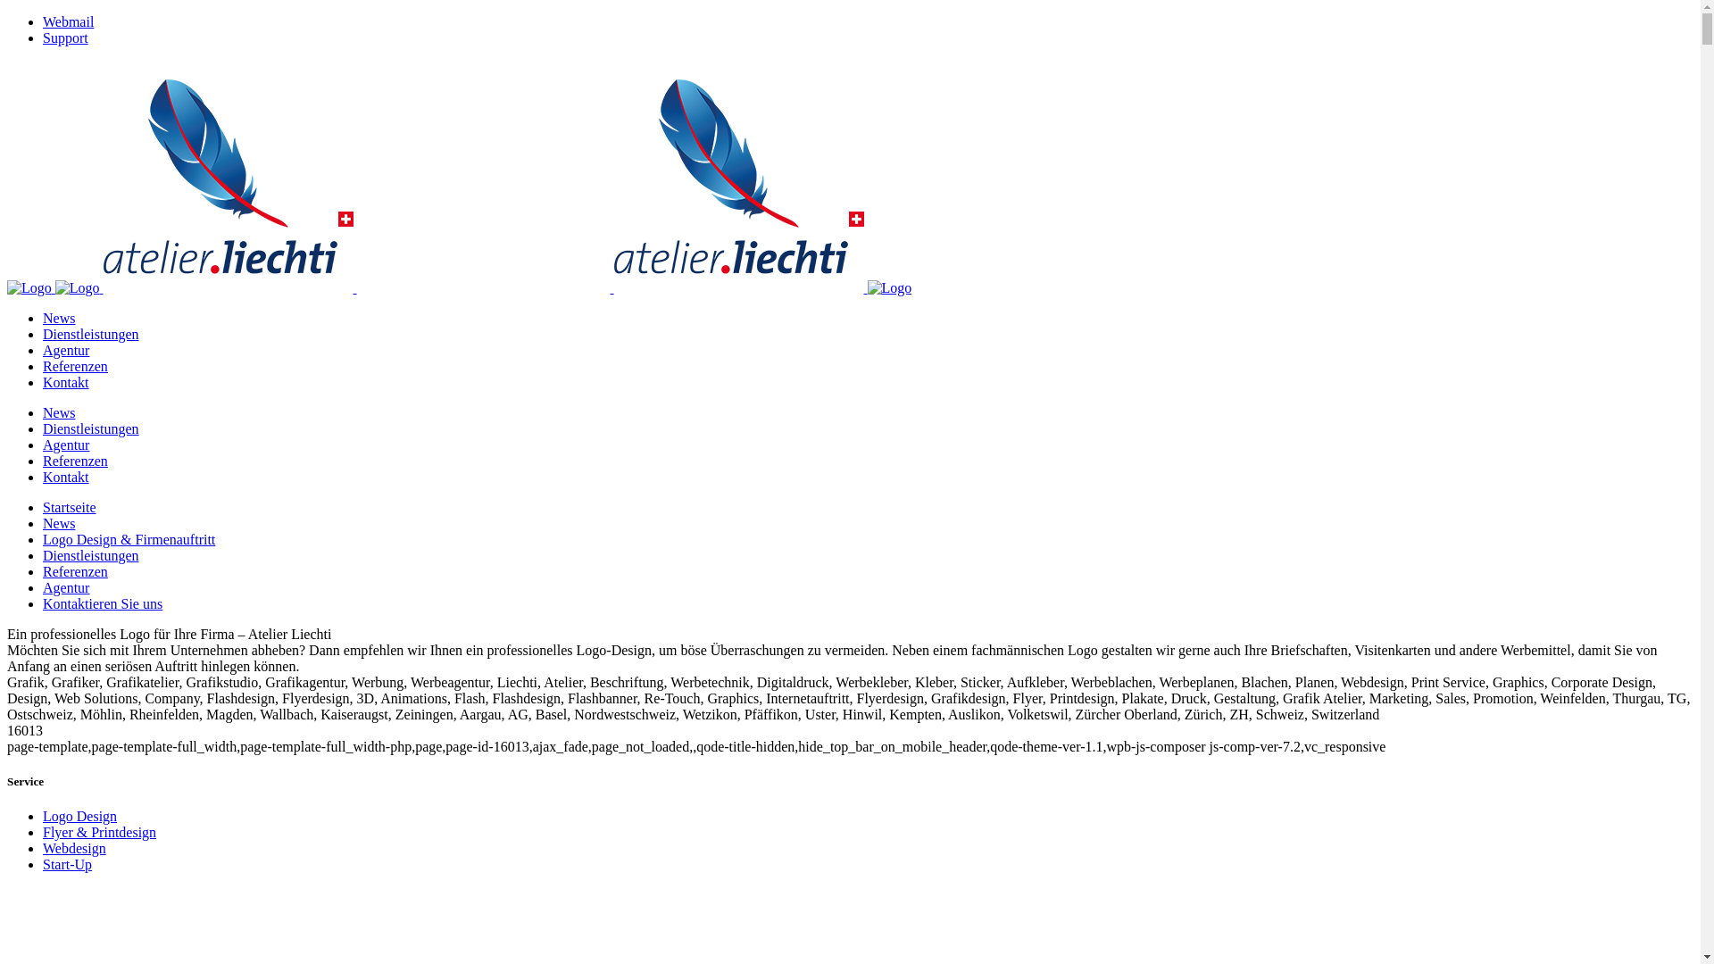  Describe the element at coordinates (43, 507) in the screenshot. I see `'Startseite'` at that location.